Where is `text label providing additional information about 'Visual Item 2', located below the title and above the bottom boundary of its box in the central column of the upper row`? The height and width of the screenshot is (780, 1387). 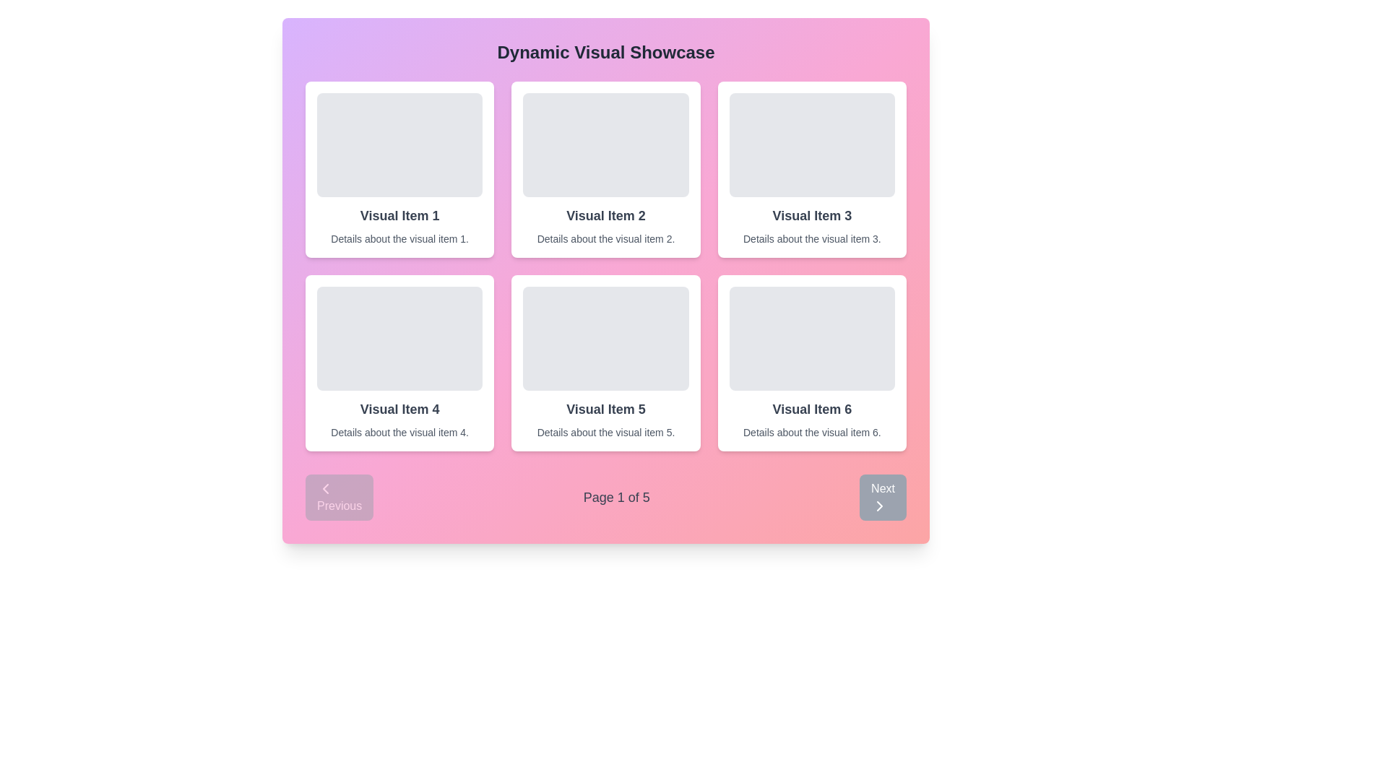
text label providing additional information about 'Visual Item 2', located below the title and above the bottom boundary of its box in the central column of the upper row is located at coordinates (606, 238).